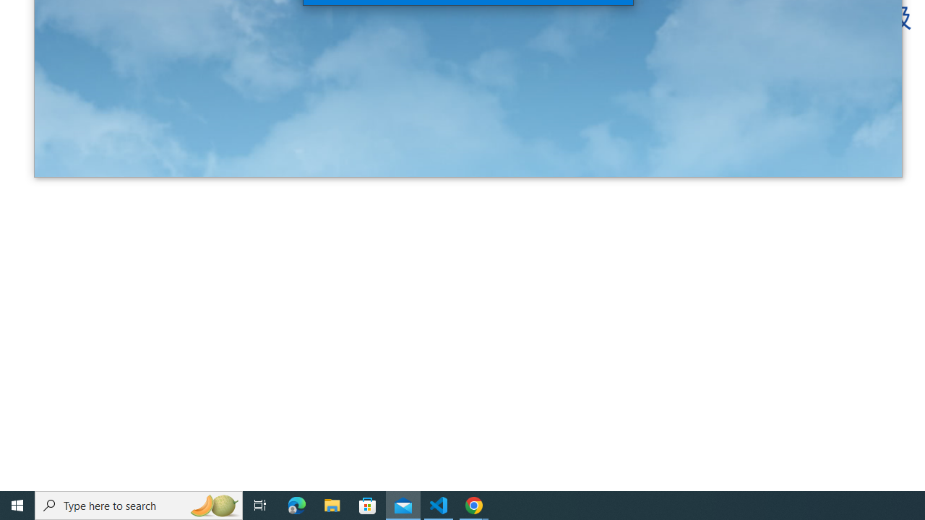 The image size is (925, 520). What do you see at coordinates (474, 504) in the screenshot?
I see `'Google Chrome - 2 running windows'` at bounding box center [474, 504].